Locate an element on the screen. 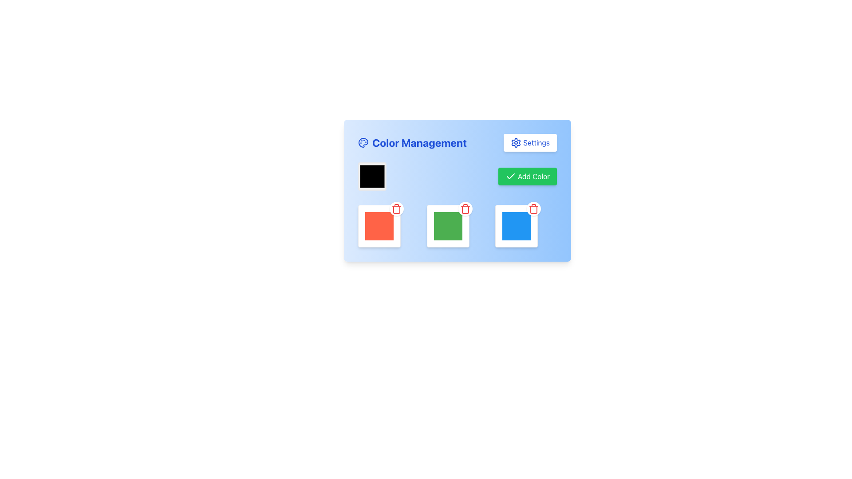 The width and height of the screenshot is (852, 479). the circular delete button with a red trash can icon at the top-right corner of the red background color swatch is located at coordinates (396, 208).